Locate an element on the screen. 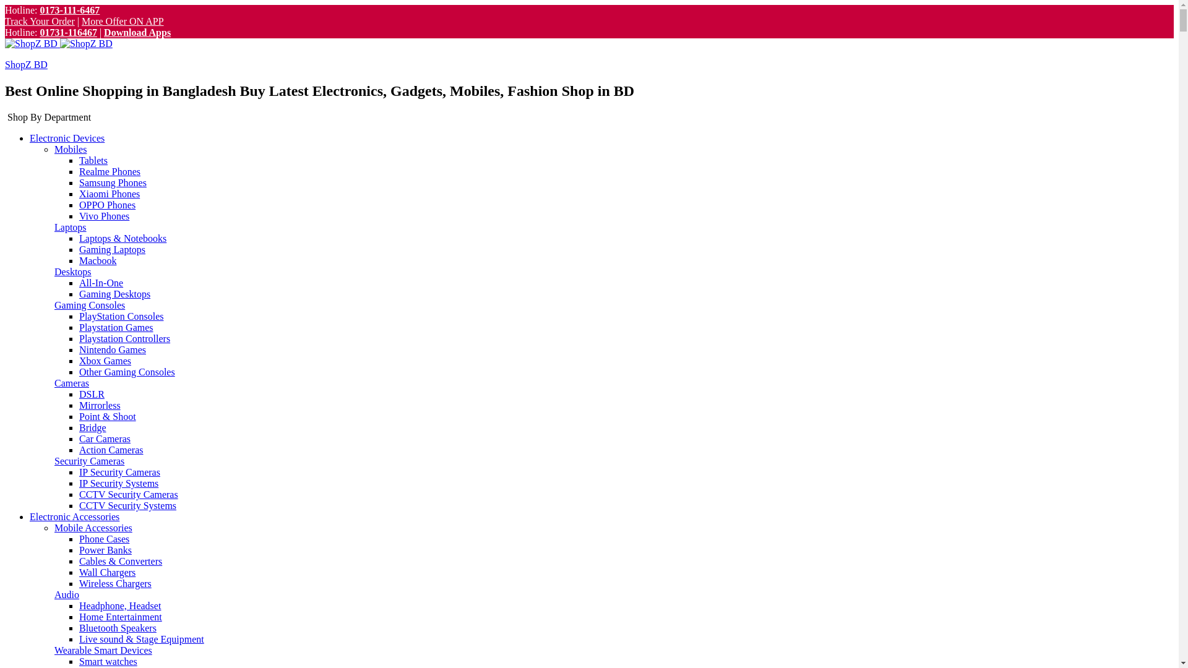  'Xiaomi Phones' is located at coordinates (110, 194).